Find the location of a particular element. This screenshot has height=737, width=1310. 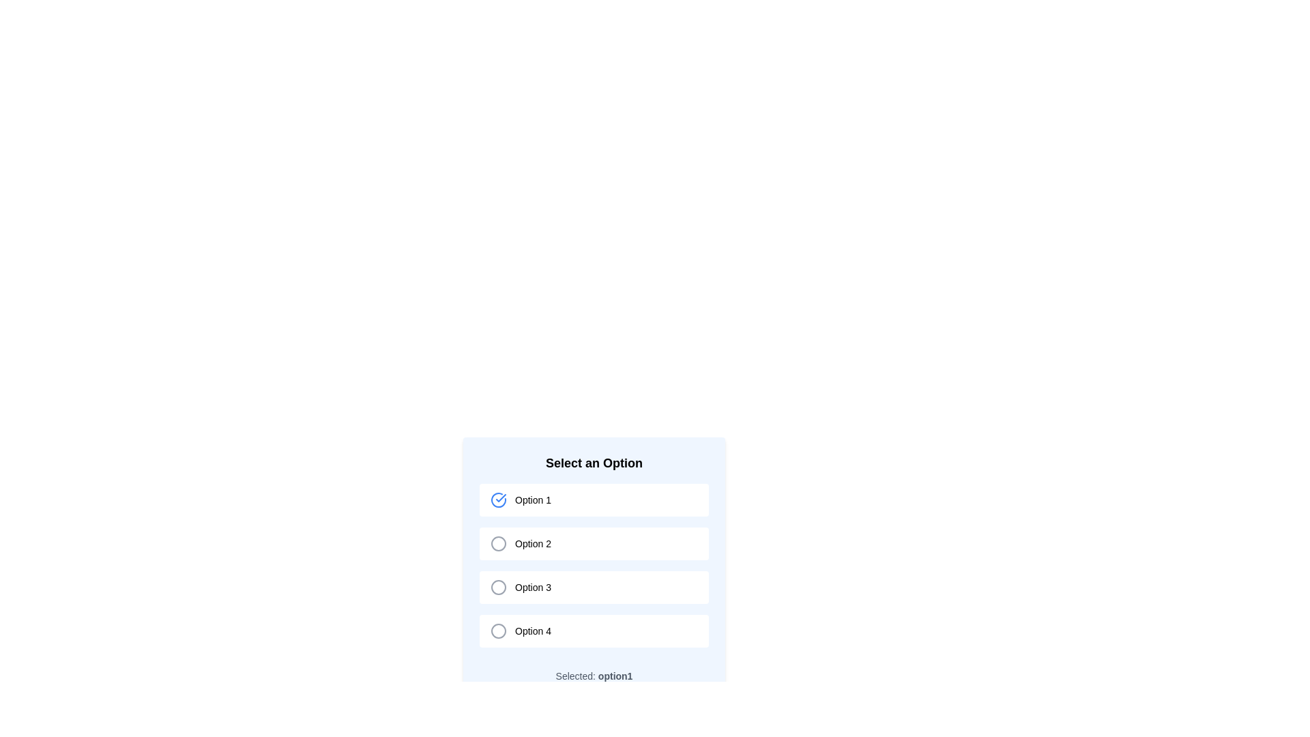

the circular radio button indicator for option 2 in the selection dialog is located at coordinates (497, 543).